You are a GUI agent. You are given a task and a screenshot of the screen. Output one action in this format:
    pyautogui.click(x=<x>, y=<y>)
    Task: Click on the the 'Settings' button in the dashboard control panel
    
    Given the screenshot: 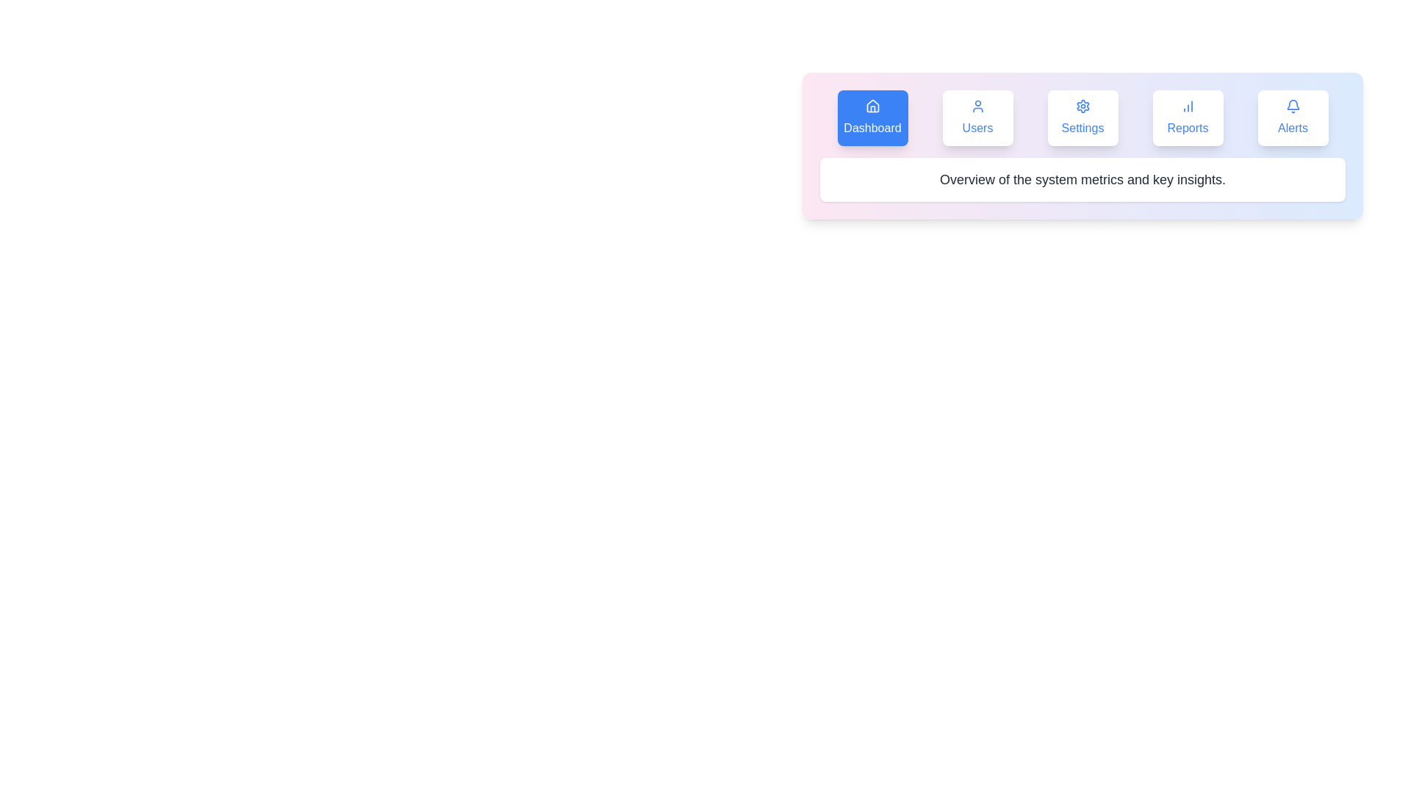 What is the action you would take?
    pyautogui.click(x=1083, y=146)
    